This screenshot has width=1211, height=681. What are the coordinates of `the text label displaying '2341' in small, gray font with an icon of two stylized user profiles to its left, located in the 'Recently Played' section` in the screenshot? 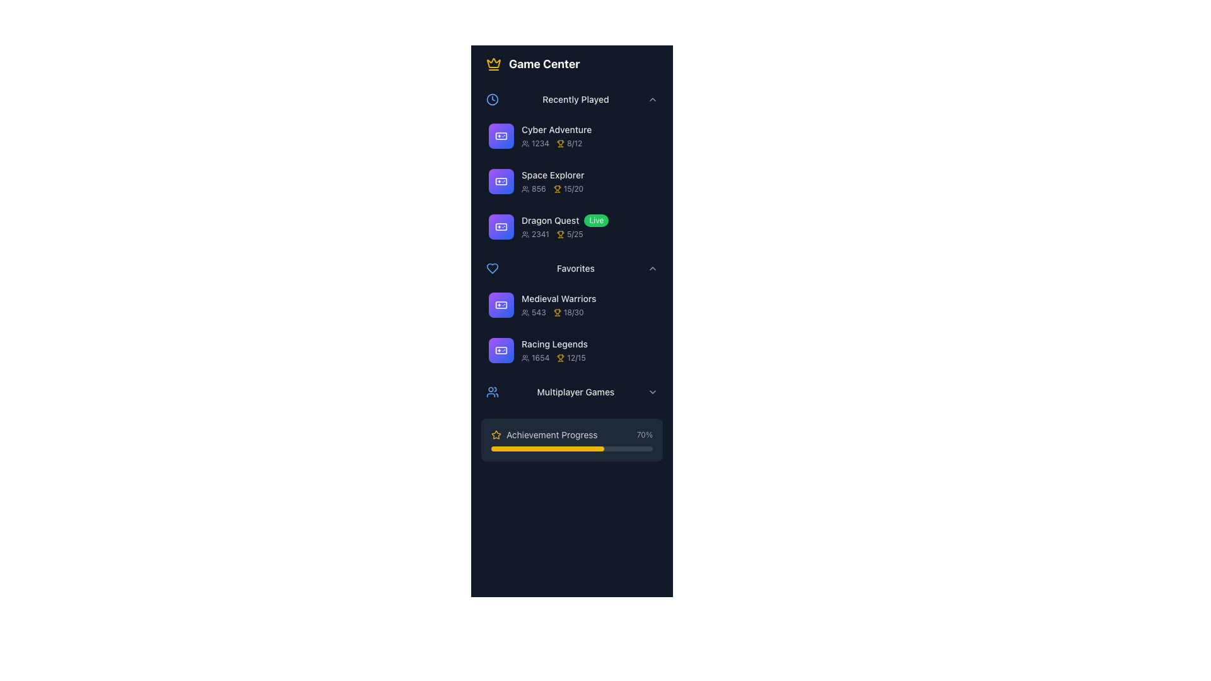 It's located at (535, 234).